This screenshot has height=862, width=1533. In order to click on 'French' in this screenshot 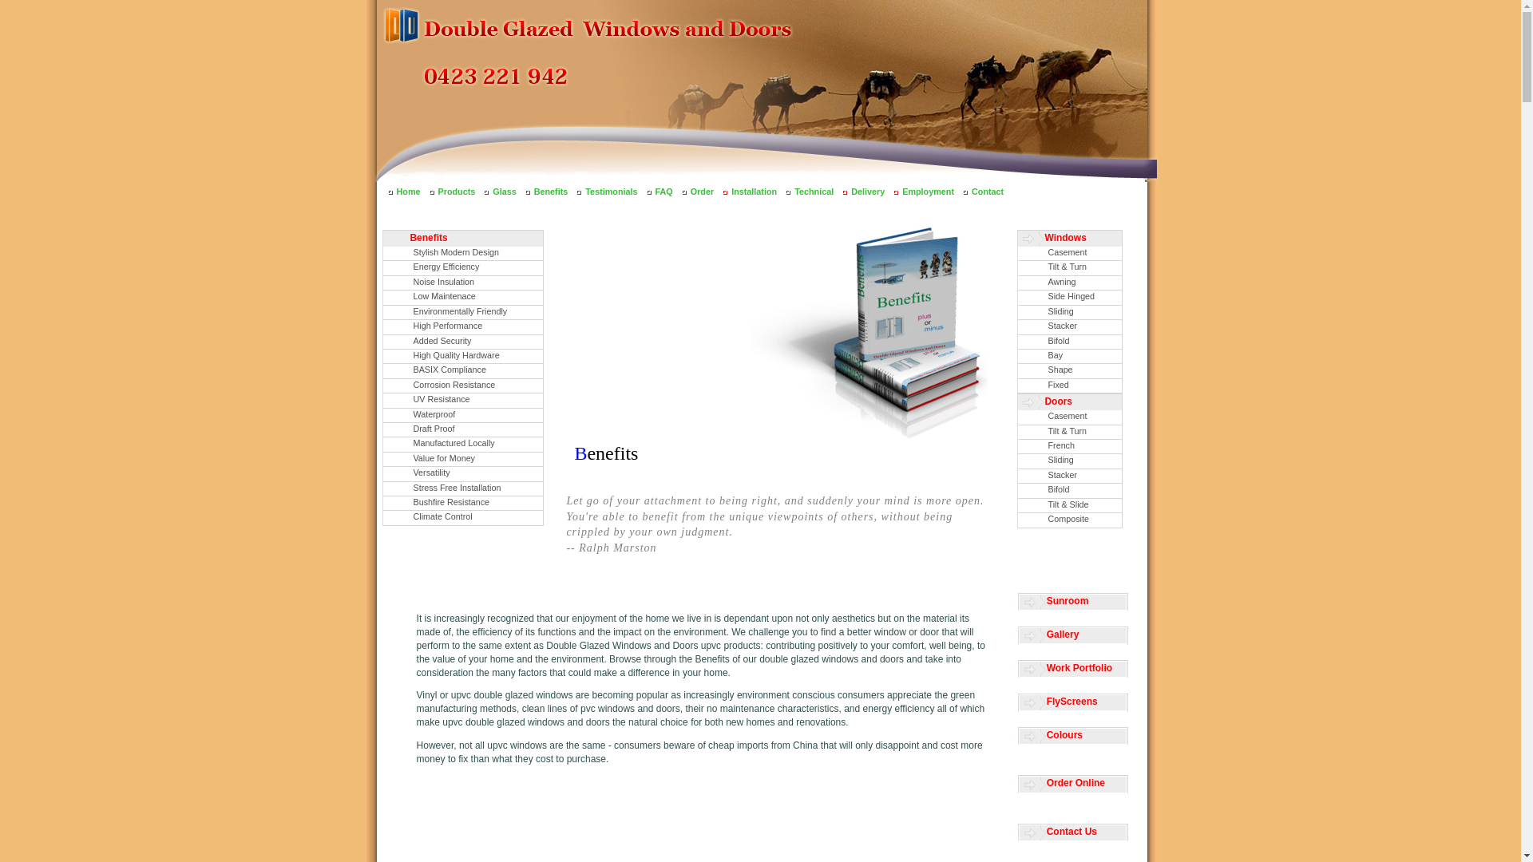, I will do `click(1069, 446)`.